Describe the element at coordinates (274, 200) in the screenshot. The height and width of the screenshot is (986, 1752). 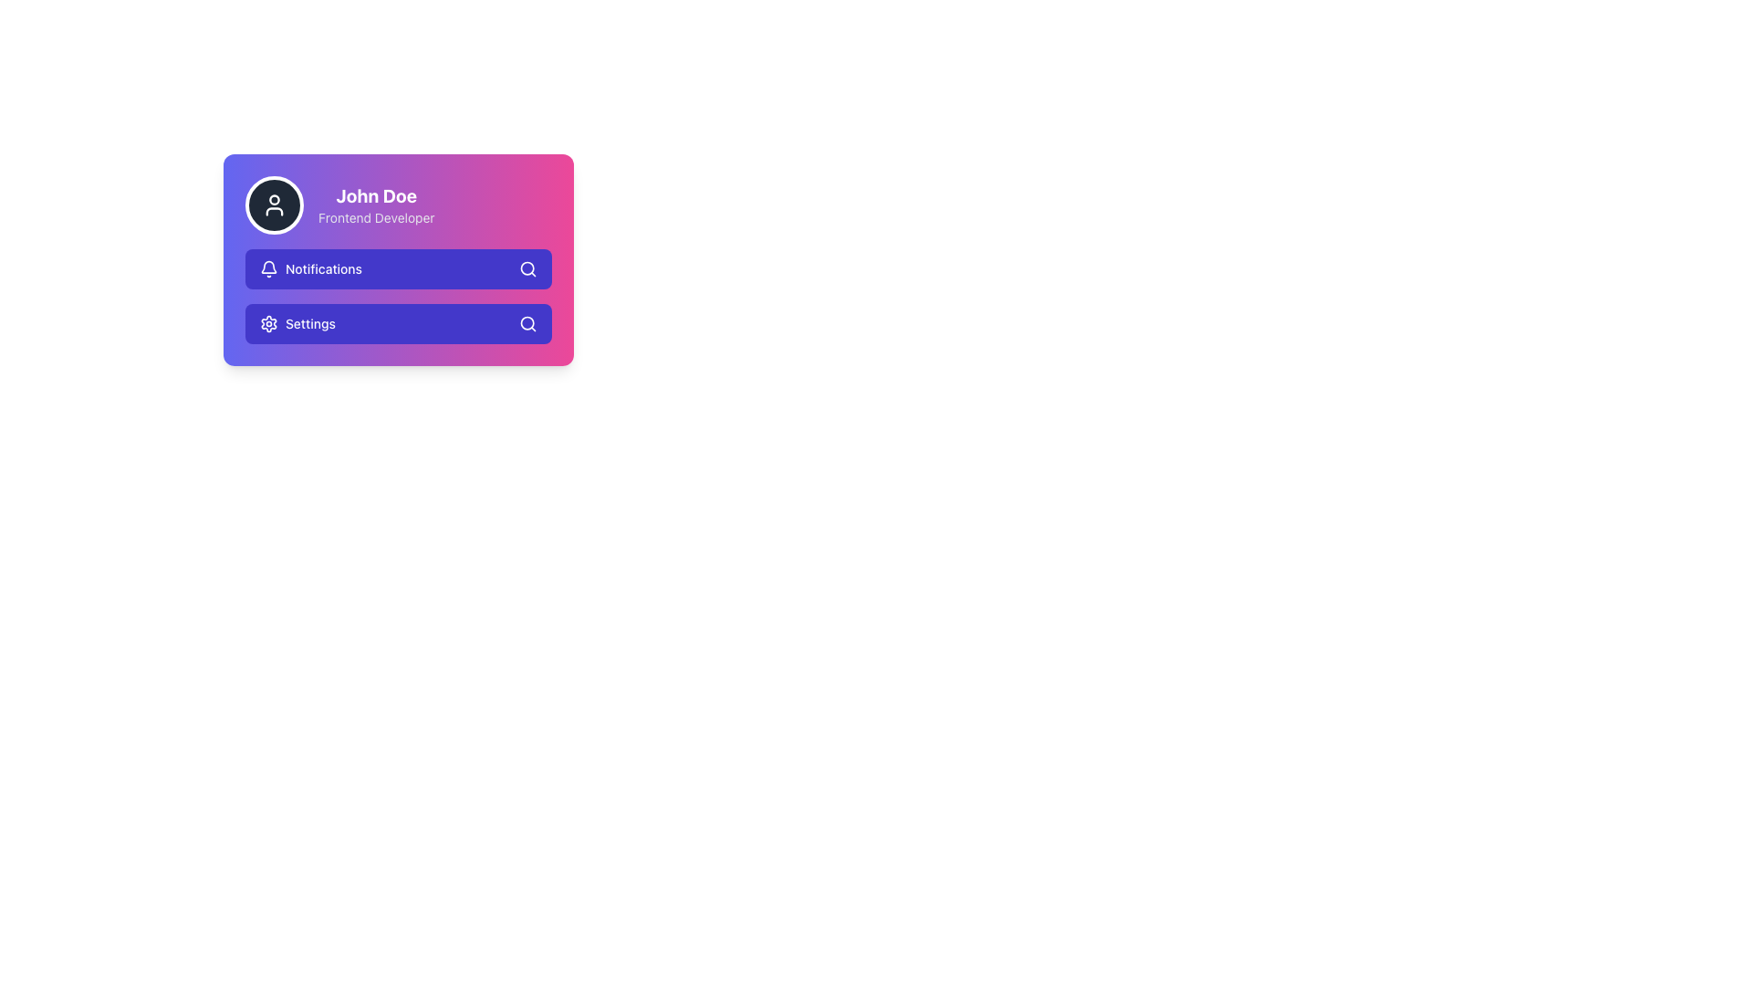
I see `the circular SVG graphical element that represents part of the user profile display icon located at the top left of the rectangular card` at that location.